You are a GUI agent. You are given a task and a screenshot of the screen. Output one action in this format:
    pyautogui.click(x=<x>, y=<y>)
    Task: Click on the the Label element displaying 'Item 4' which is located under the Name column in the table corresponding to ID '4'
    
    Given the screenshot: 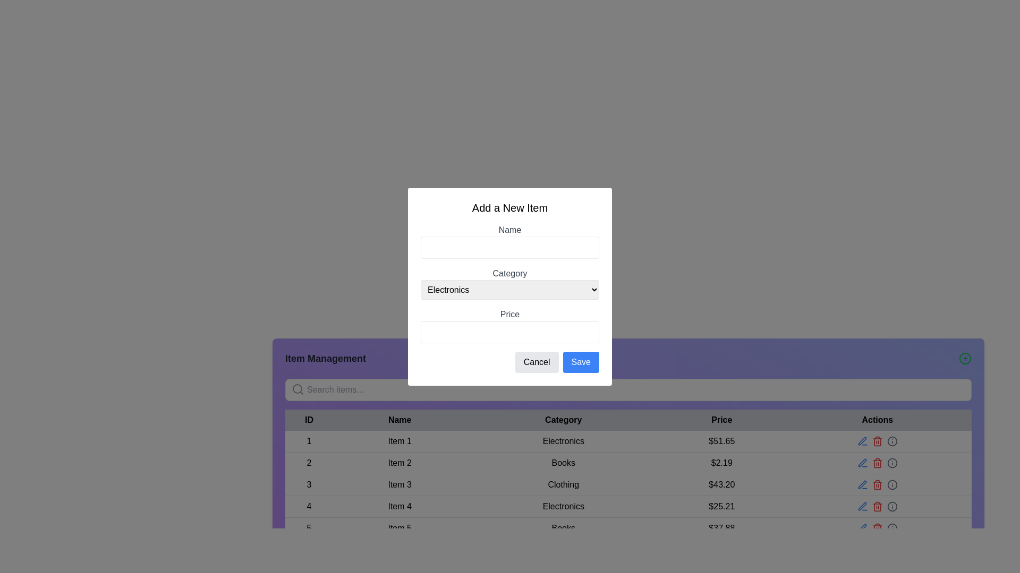 What is the action you would take?
    pyautogui.click(x=399, y=506)
    